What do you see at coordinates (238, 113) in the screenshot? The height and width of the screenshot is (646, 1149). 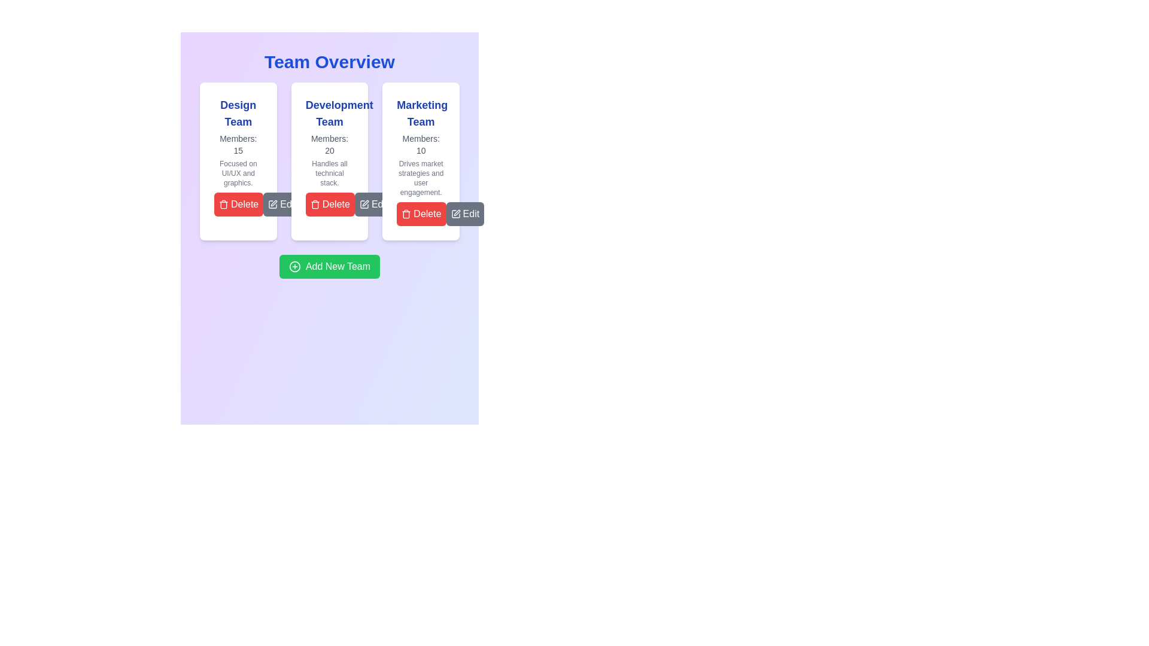 I see `the 'Design Team' heading label, which is a bold blue text label located at the top of the first team card under 'Team Overview'` at bounding box center [238, 113].